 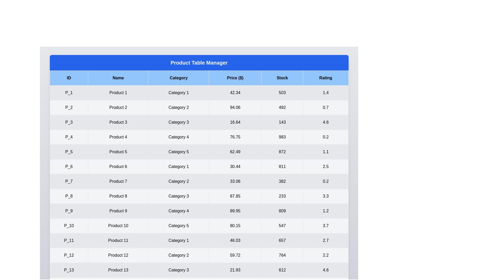 I want to click on the cell containing 'Product 1' to select its content, so click(x=118, y=93).